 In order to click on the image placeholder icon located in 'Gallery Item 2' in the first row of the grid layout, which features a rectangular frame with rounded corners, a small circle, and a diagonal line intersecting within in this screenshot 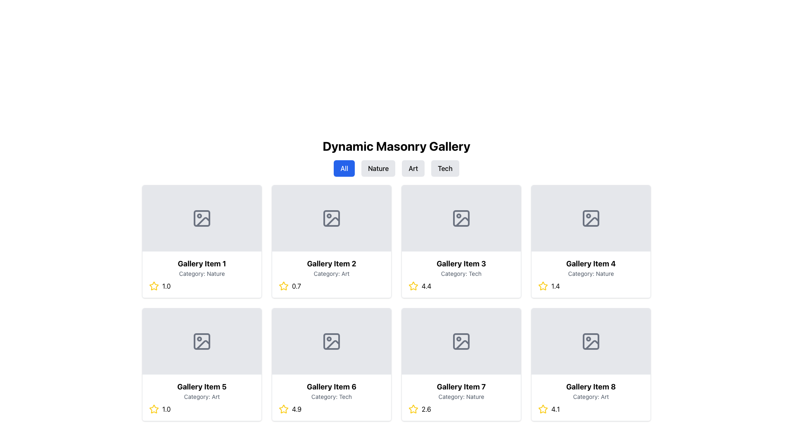, I will do `click(331, 218)`.